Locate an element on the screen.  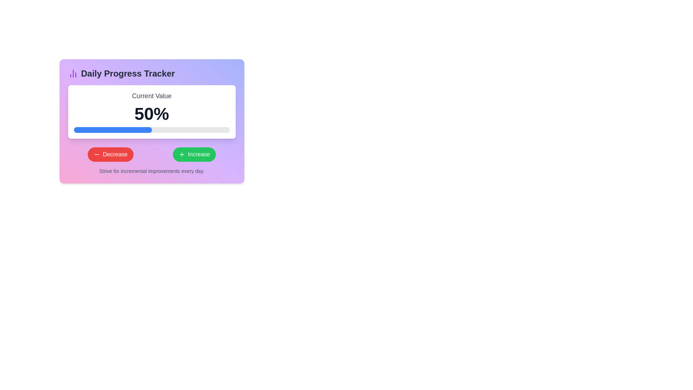
the purple bar chart icon located to the left of the 'Daily Progress Tracker' text in the header section is located at coordinates (73, 74).